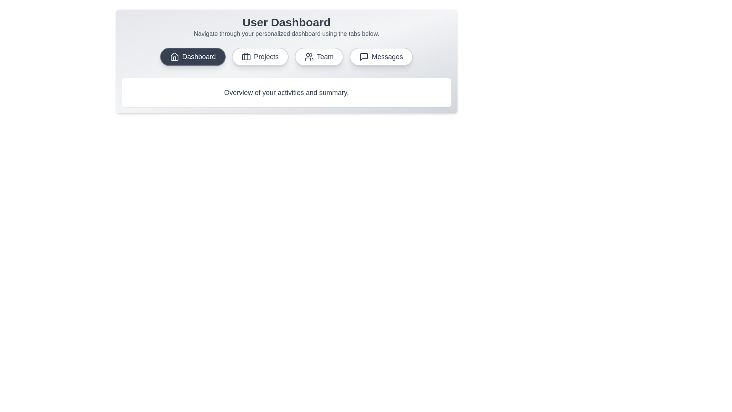  I want to click on the tab labeled Dashboard to observe the visual effect, so click(193, 56).